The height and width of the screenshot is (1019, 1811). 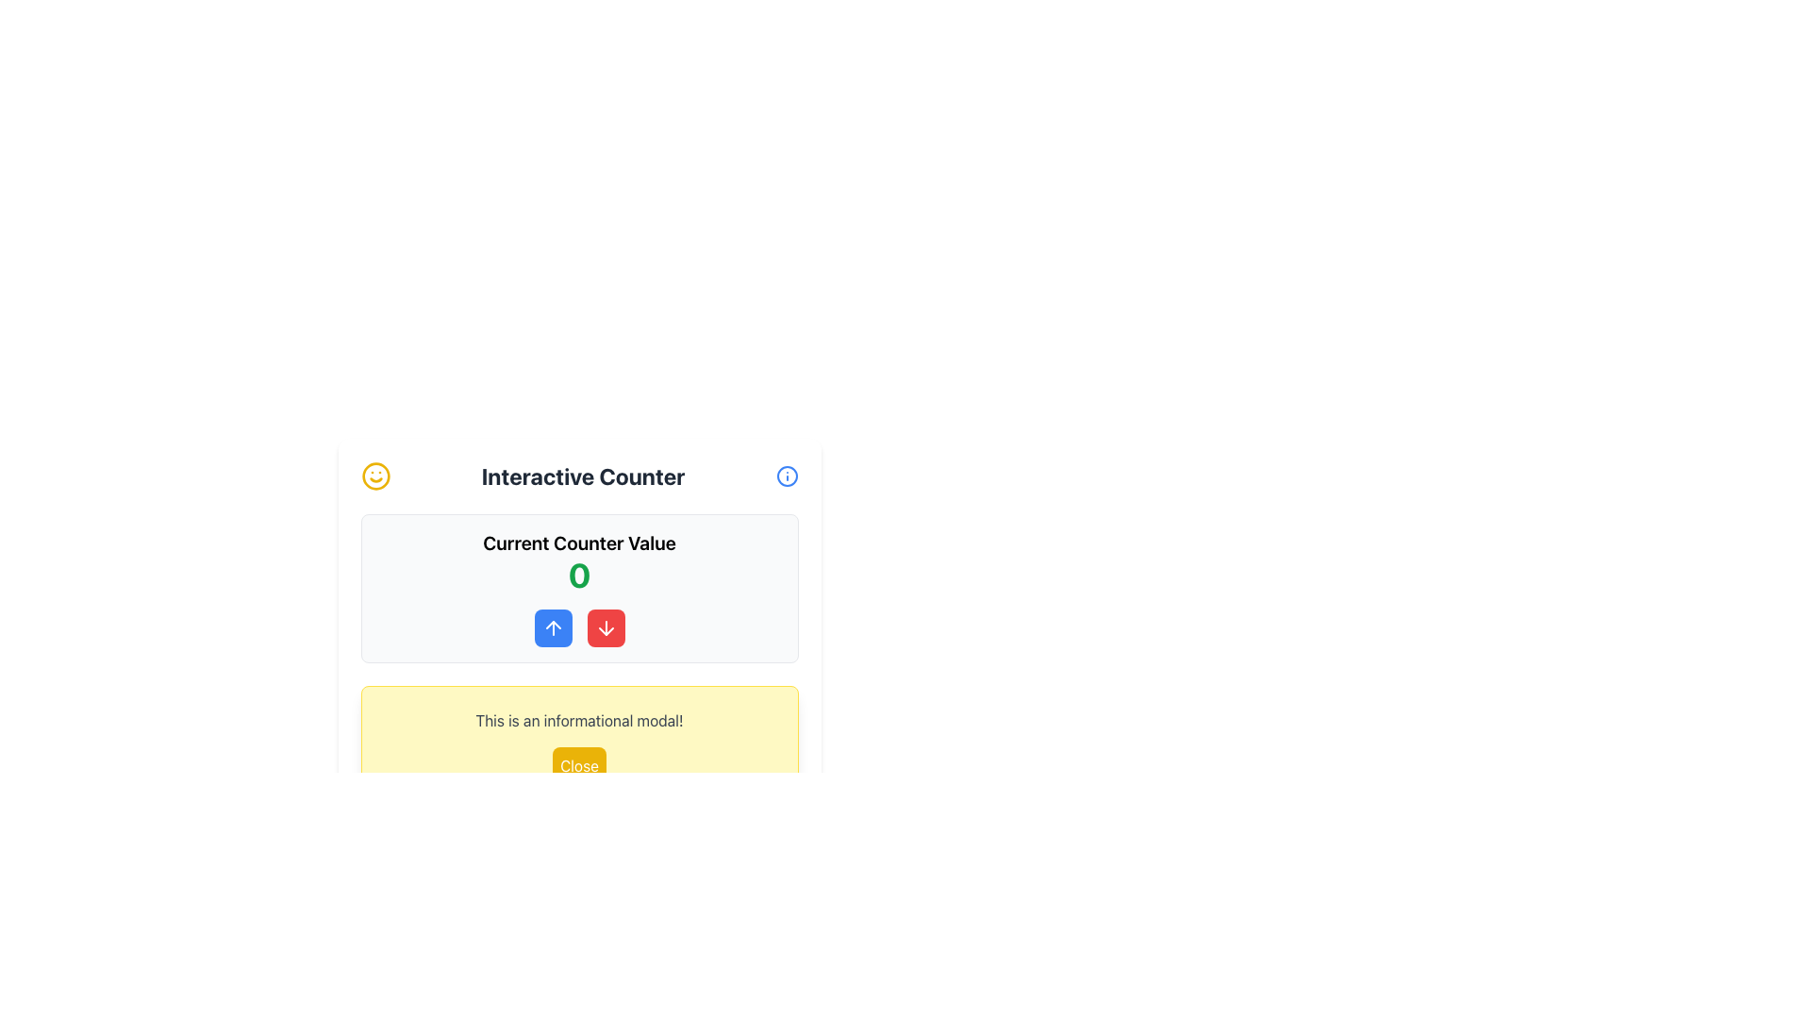 What do you see at coordinates (578, 628) in the screenshot?
I see `the grouping element containing two interactive buttons, one blue with an upward arrow and one red with a downward arrow, to observe their hover effects` at bounding box center [578, 628].